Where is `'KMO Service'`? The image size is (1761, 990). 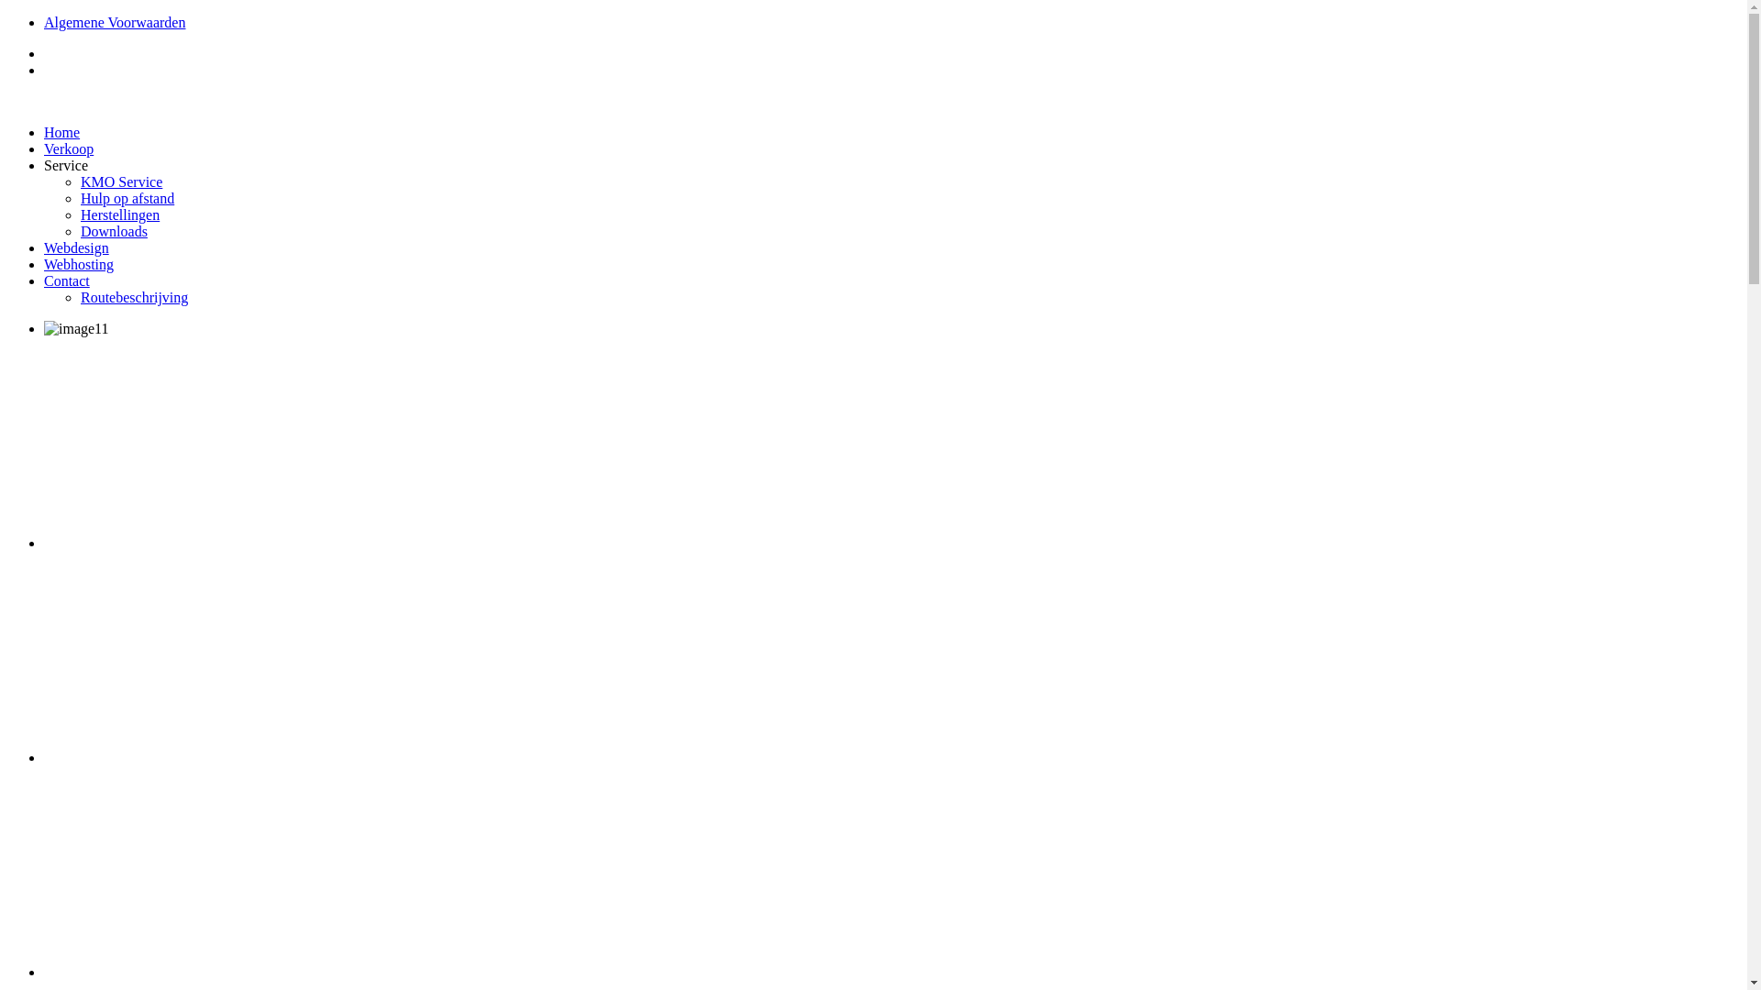 'KMO Service' is located at coordinates (120, 181).